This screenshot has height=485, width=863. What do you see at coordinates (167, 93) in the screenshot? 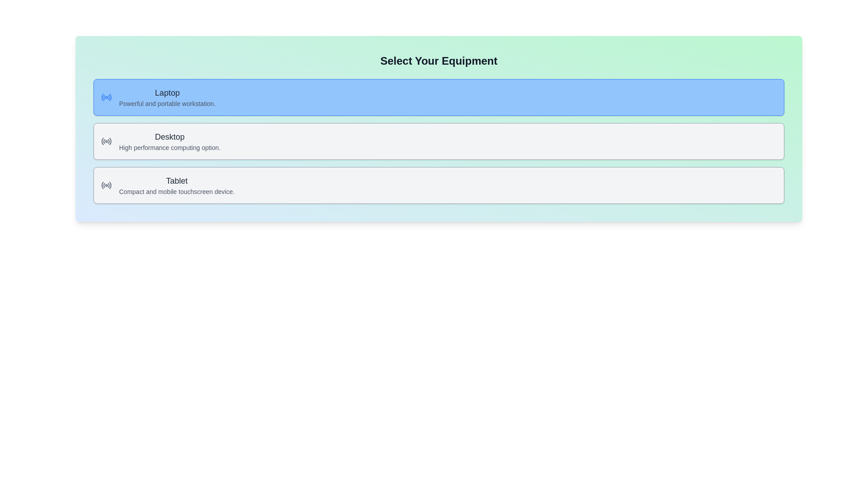
I see `the text label displaying 'Laptop' in bold font style, which is situated above the descriptive text 'Powerful and portable workstation' within a light blue rectangular background` at bounding box center [167, 93].